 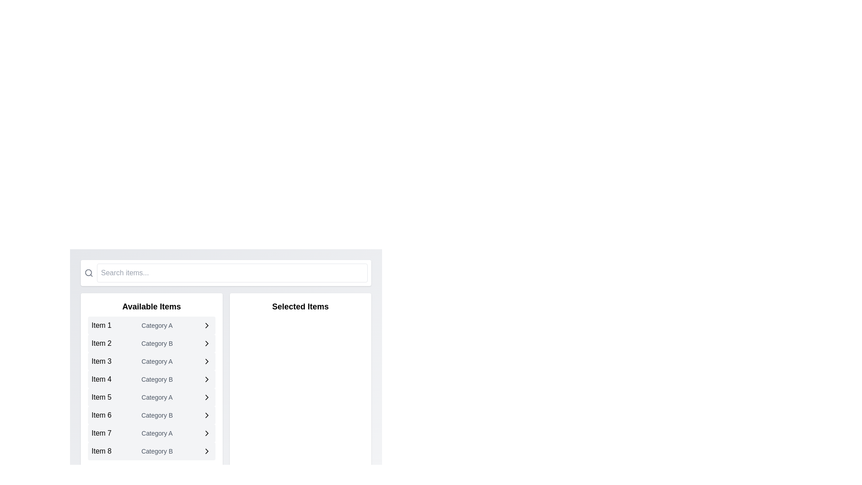 I want to click on the interactive list item 'Item 4', so click(x=151, y=379).